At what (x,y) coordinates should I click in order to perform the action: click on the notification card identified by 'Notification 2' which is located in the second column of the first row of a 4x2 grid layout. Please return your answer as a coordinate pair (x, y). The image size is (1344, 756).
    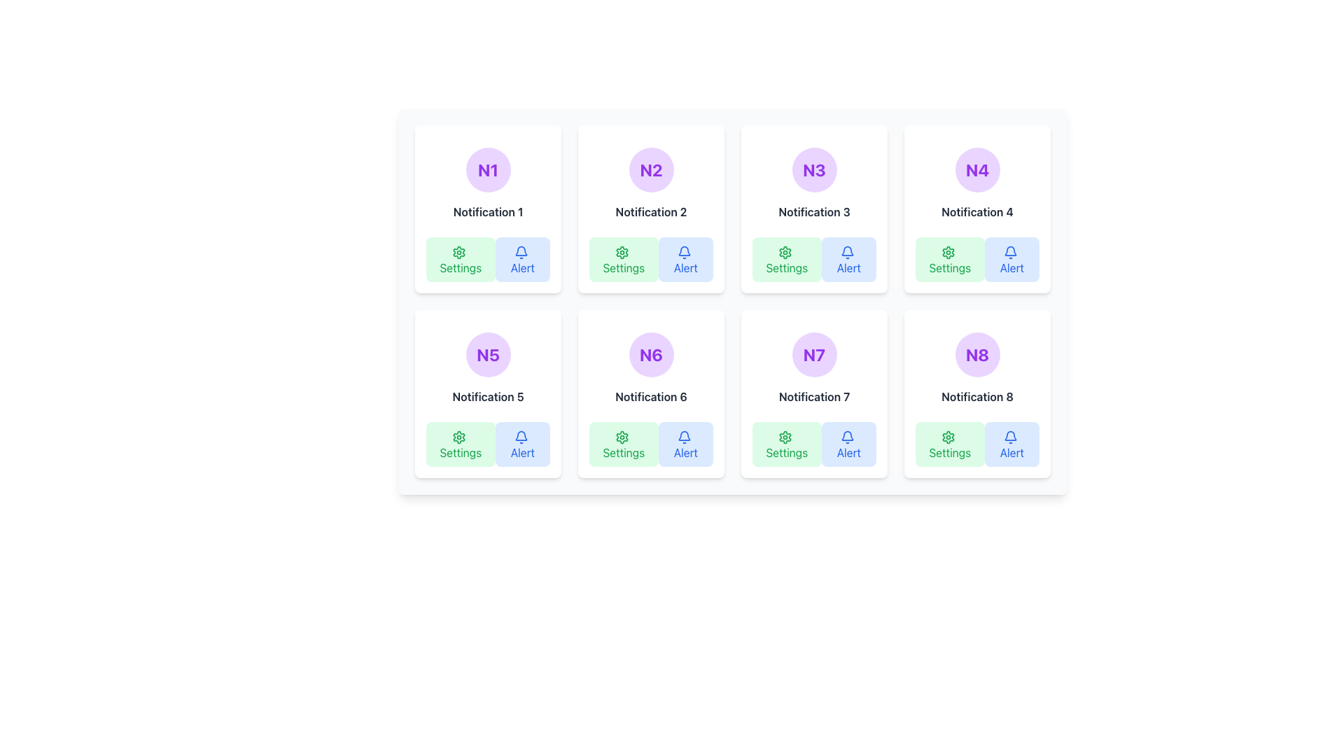
    Looking at the image, I should click on (650, 209).